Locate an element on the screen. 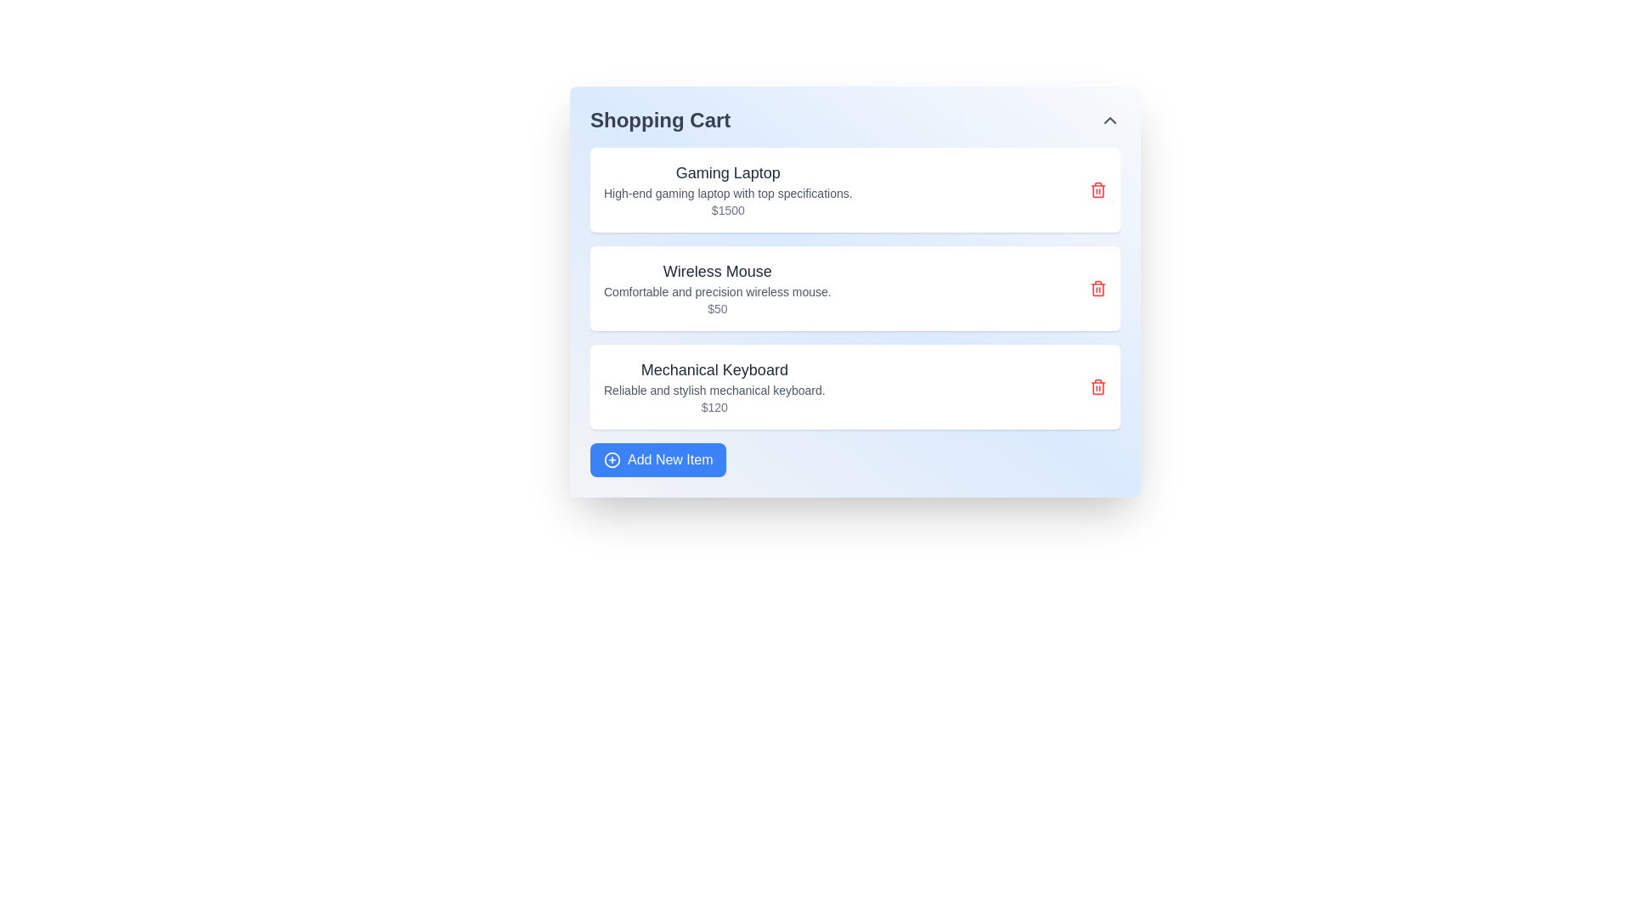 The image size is (1631, 917). the 'Wireless Mouse' label in the shopping cart is located at coordinates (717, 271).